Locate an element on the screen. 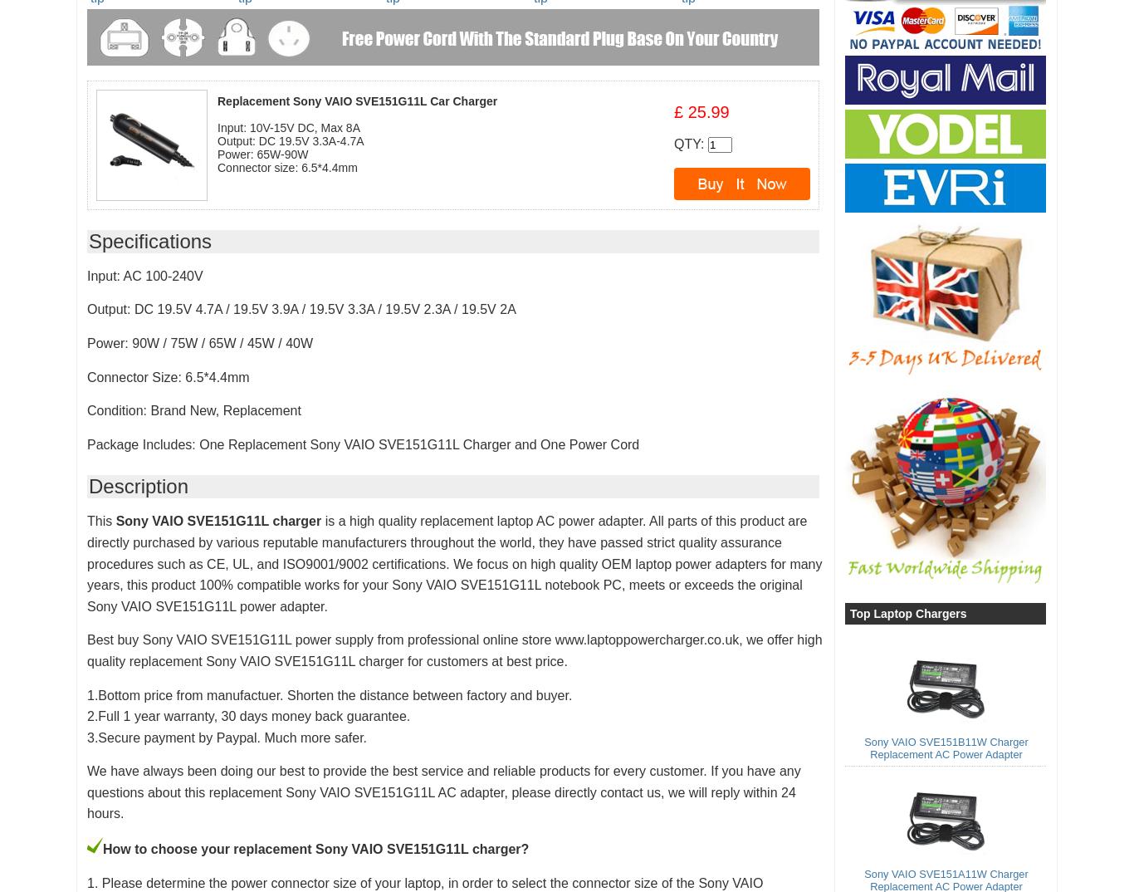  'Top Laptop Chargers' is located at coordinates (849, 613).